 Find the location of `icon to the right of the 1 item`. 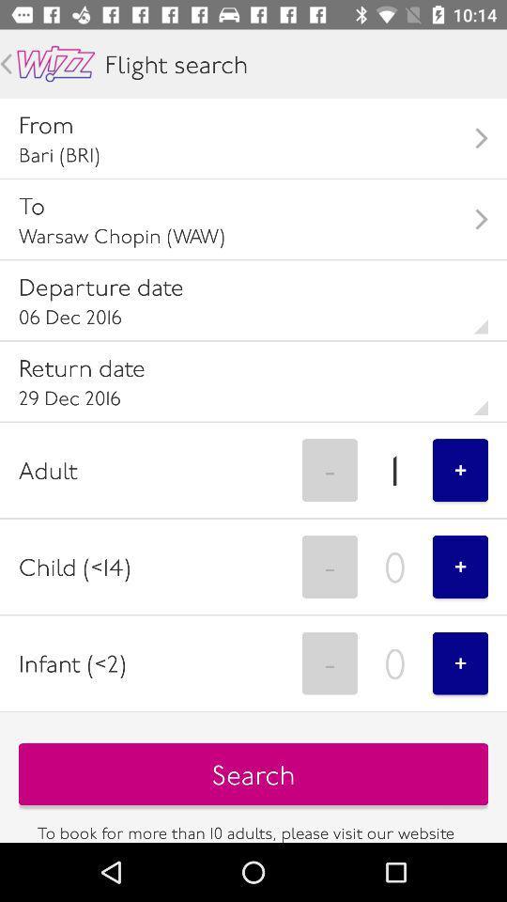

icon to the right of the 1 item is located at coordinates (459, 469).